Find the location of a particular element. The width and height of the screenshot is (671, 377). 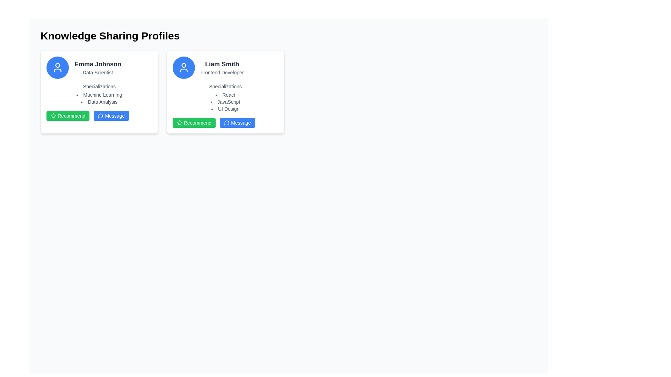

the text label displaying the individual's name in the upper right section of the profile card is located at coordinates (222, 64).